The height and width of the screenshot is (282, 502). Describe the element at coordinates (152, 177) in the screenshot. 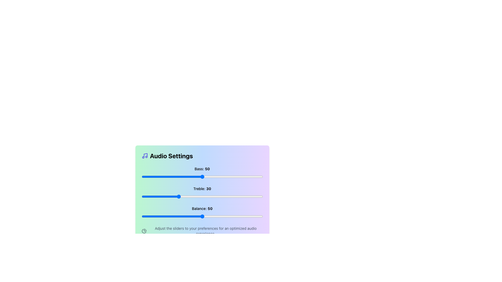

I see `the bass level` at that location.